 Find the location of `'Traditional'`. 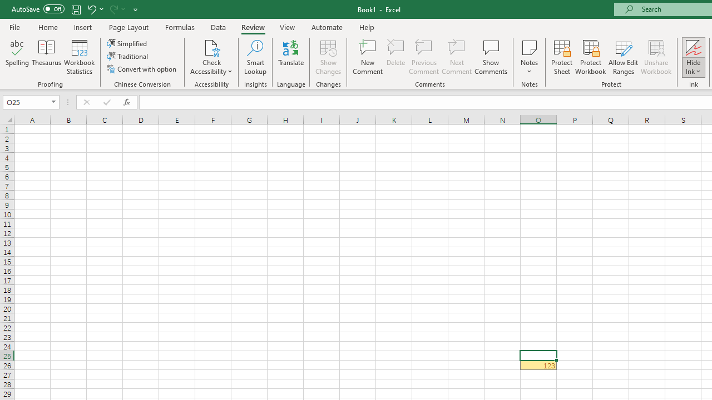

'Traditional' is located at coordinates (128, 56).